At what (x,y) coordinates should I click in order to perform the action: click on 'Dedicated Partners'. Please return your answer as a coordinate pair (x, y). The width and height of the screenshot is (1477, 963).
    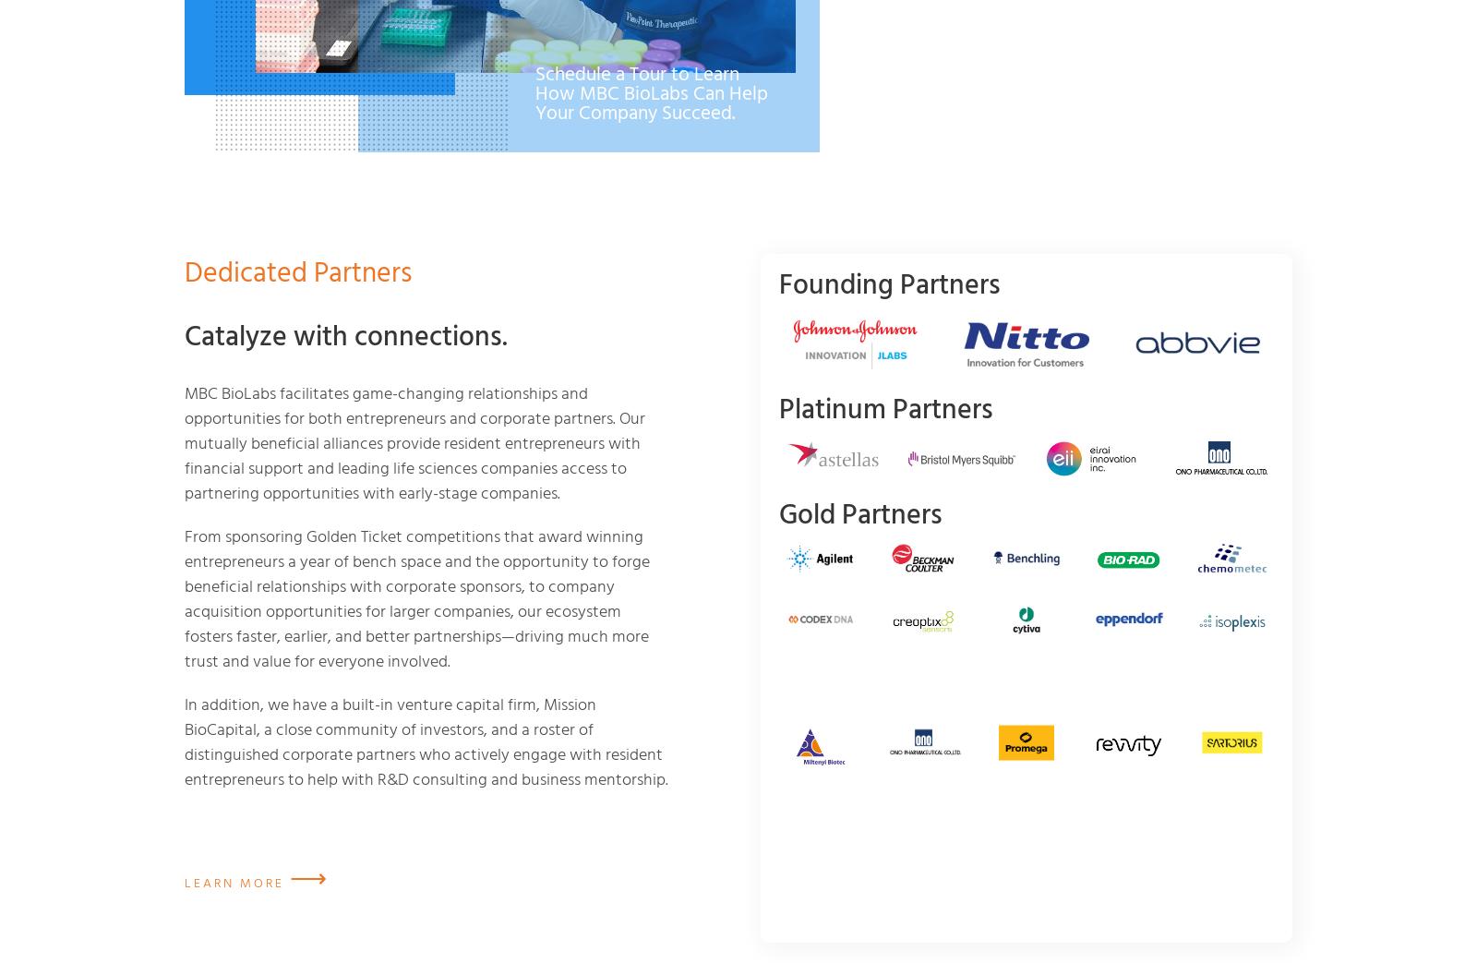
    Looking at the image, I should click on (298, 273).